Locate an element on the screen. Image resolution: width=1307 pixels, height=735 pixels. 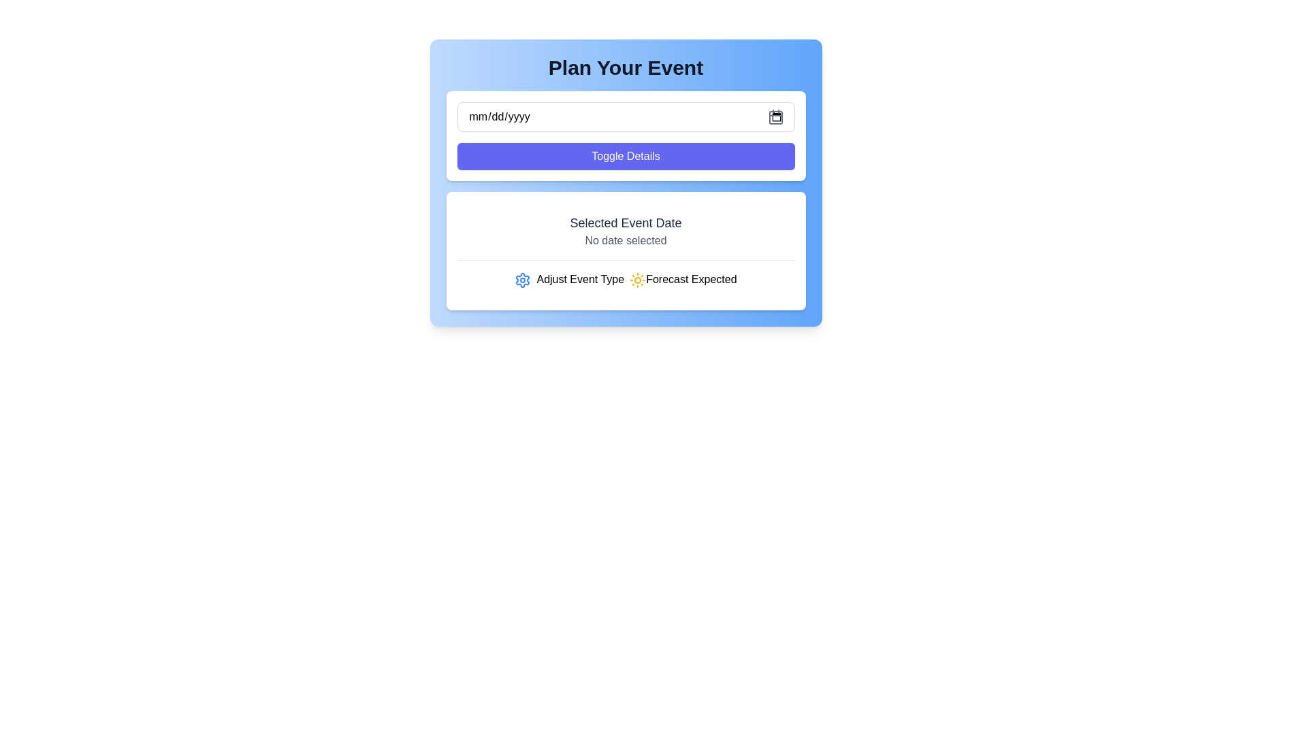
the icons of the label reading 'Adjust Event Type Forecast Expected' to get additional information is located at coordinates (625, 278).